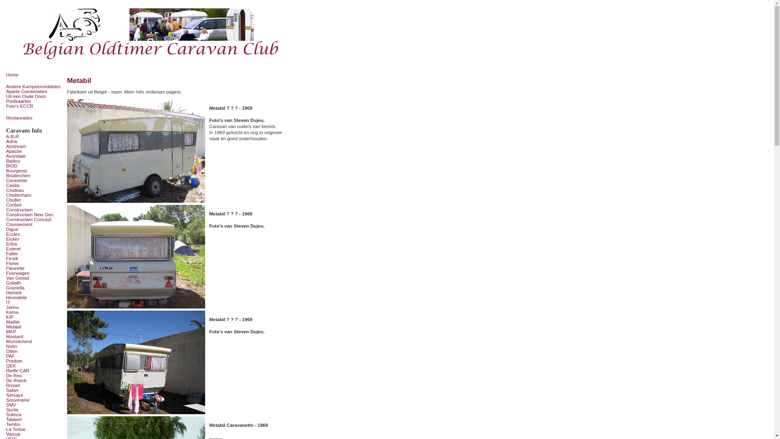 The height and width of the screenshot is (439, 780). What do you see at coordinates (34, 298) in the screenshot?
I see `'Hirondelle'` at bounding box center [34, 298].